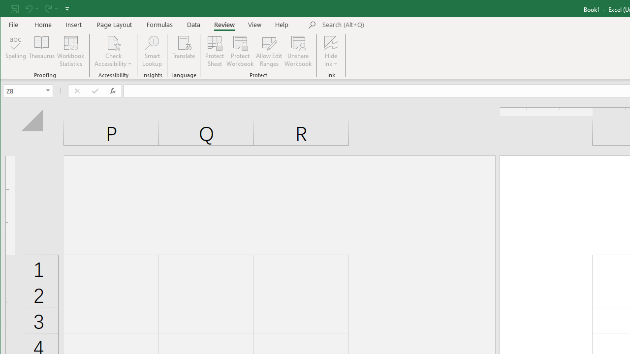  What do you see at coordinates (331, 60) in the screenshot?
I see `'More Options'` at bounding box center [331, 60].